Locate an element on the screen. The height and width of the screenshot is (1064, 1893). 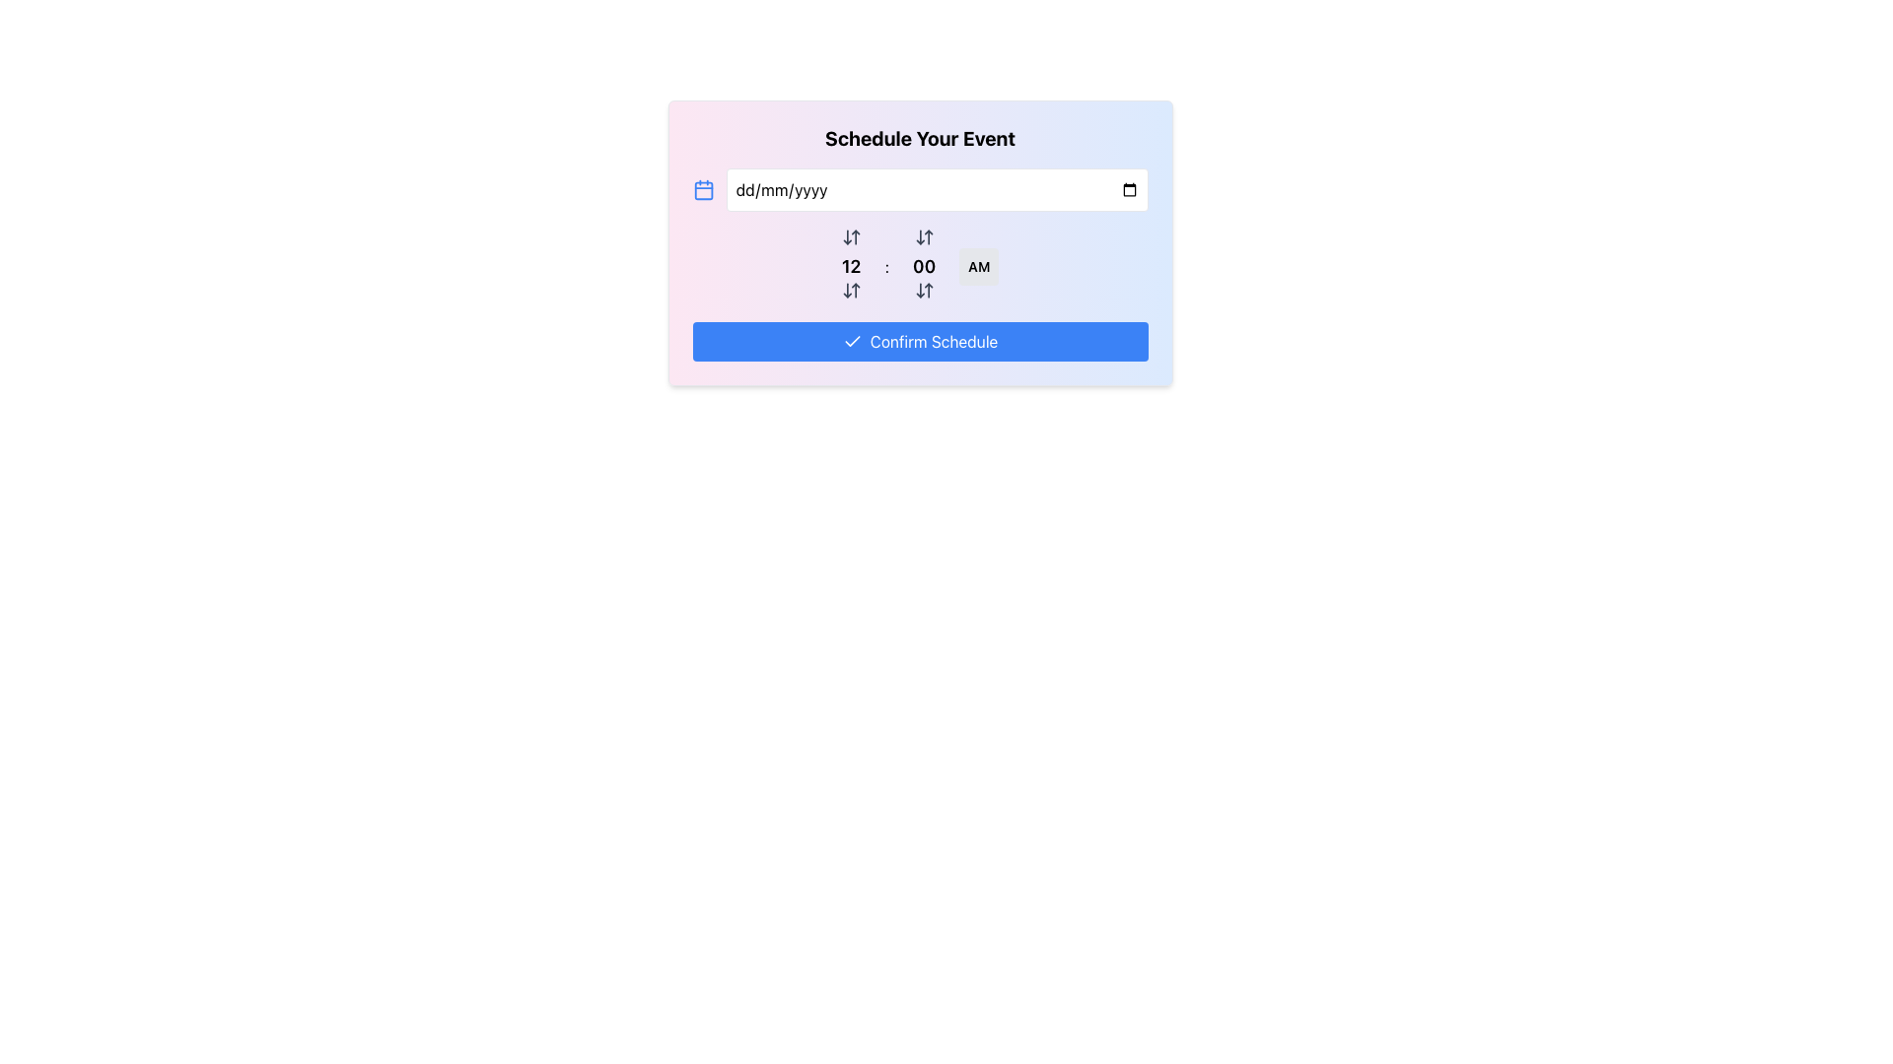
text displayed in the Text Display showing '12', which is located in the hour input field of the scheduling interface between increment and decrement arrow buttons is located at coordinates (851, 266).